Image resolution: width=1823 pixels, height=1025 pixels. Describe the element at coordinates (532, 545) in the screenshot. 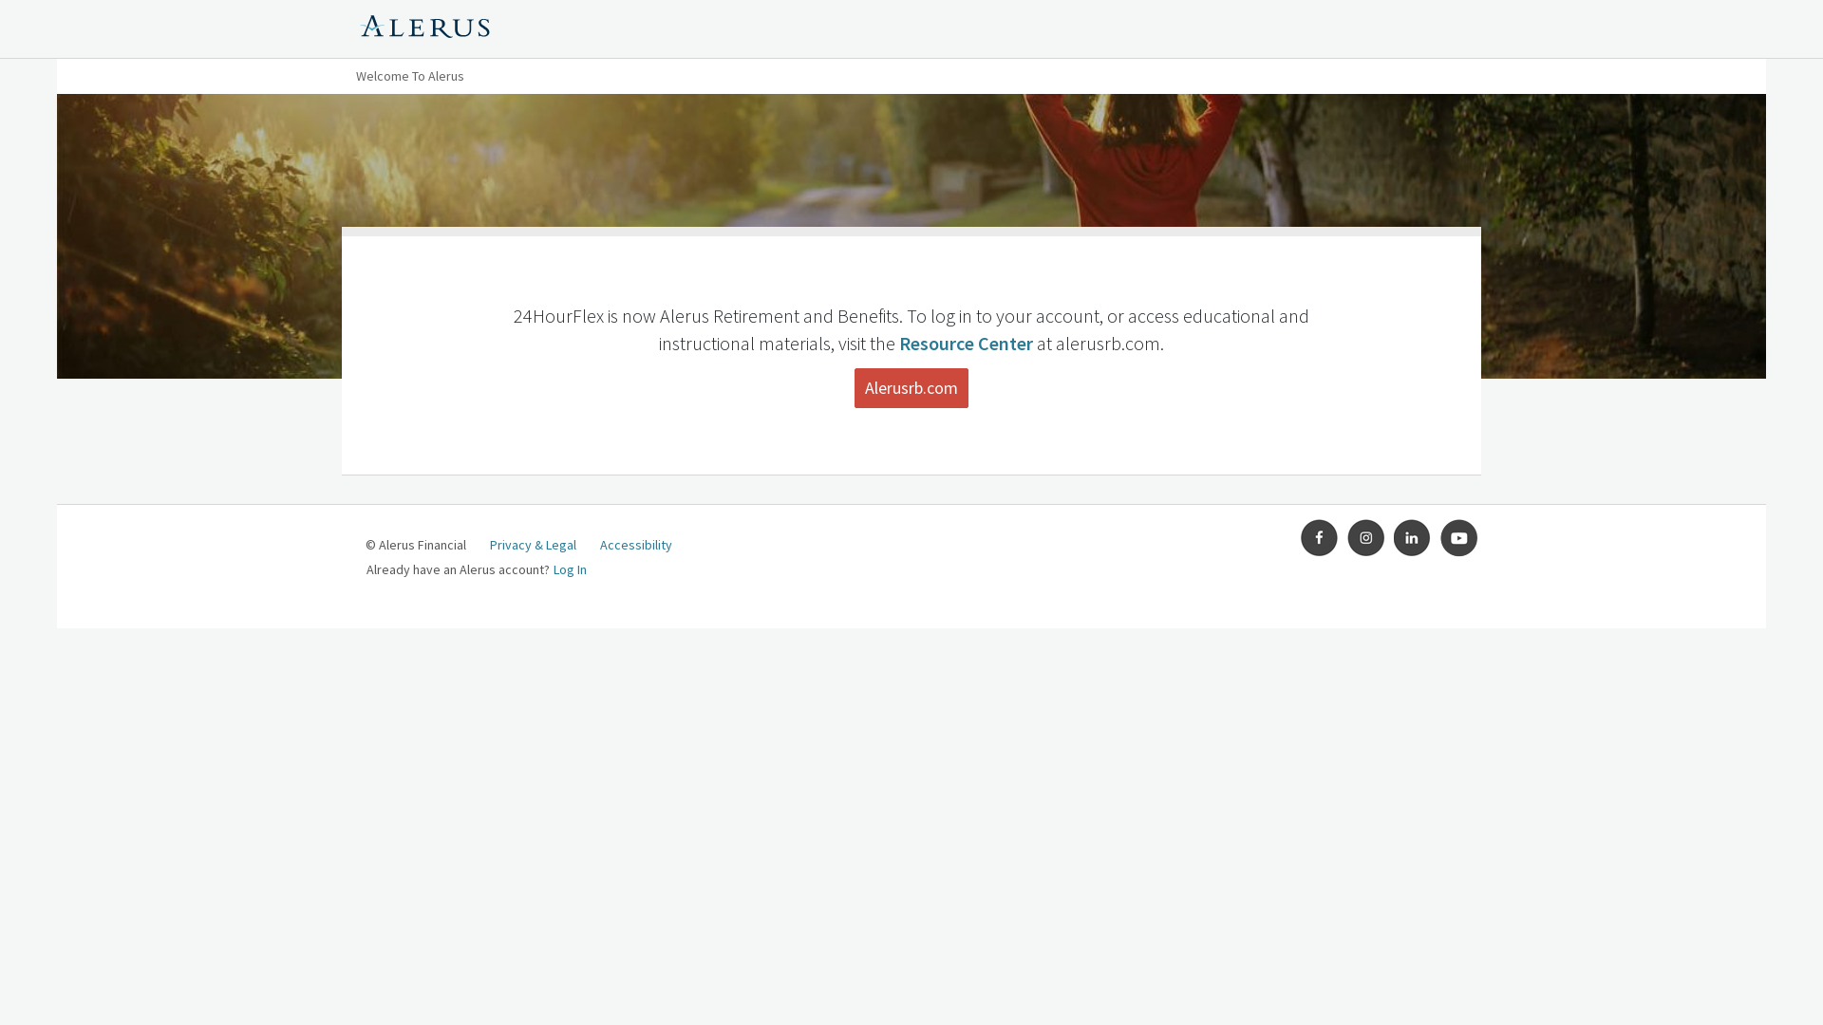

I see `'Privacy & Legal'` at that location.